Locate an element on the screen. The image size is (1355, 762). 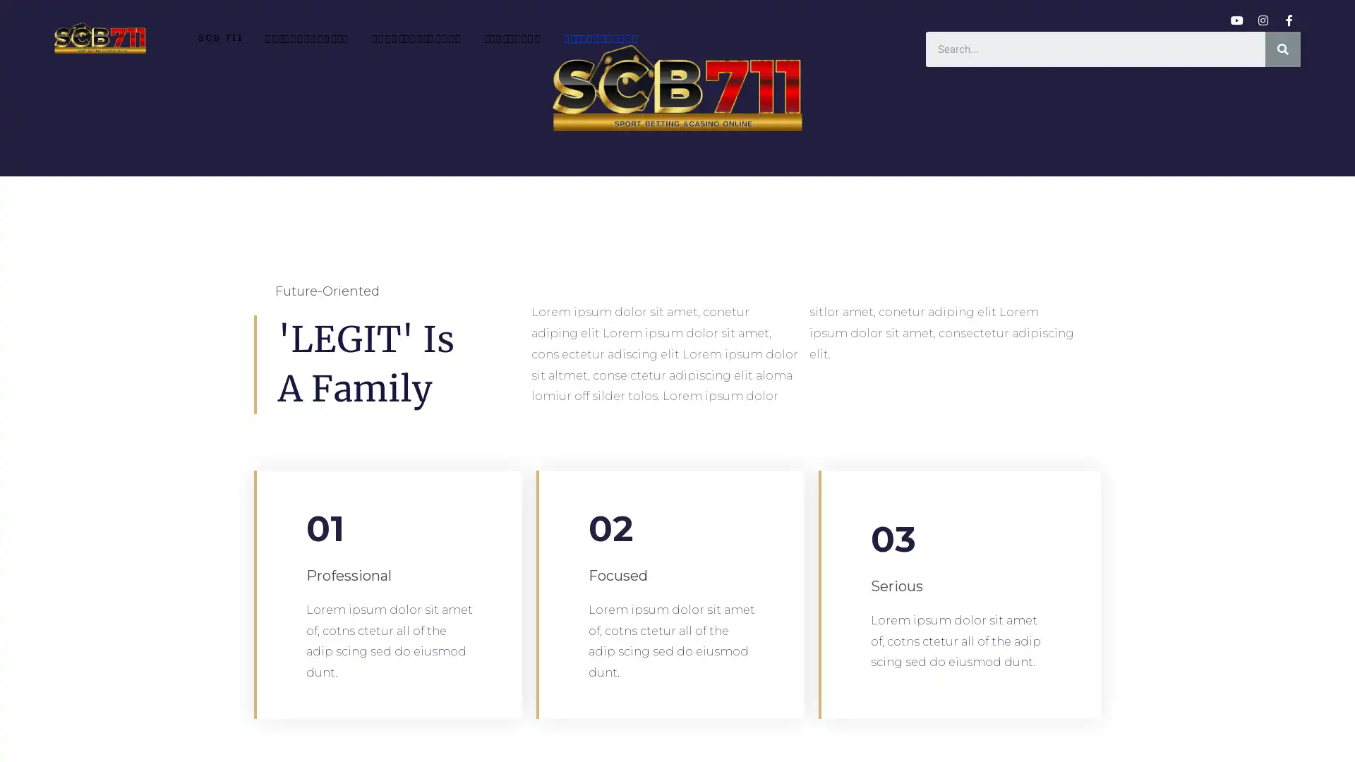
Search is located at coordinates (1283, 48).